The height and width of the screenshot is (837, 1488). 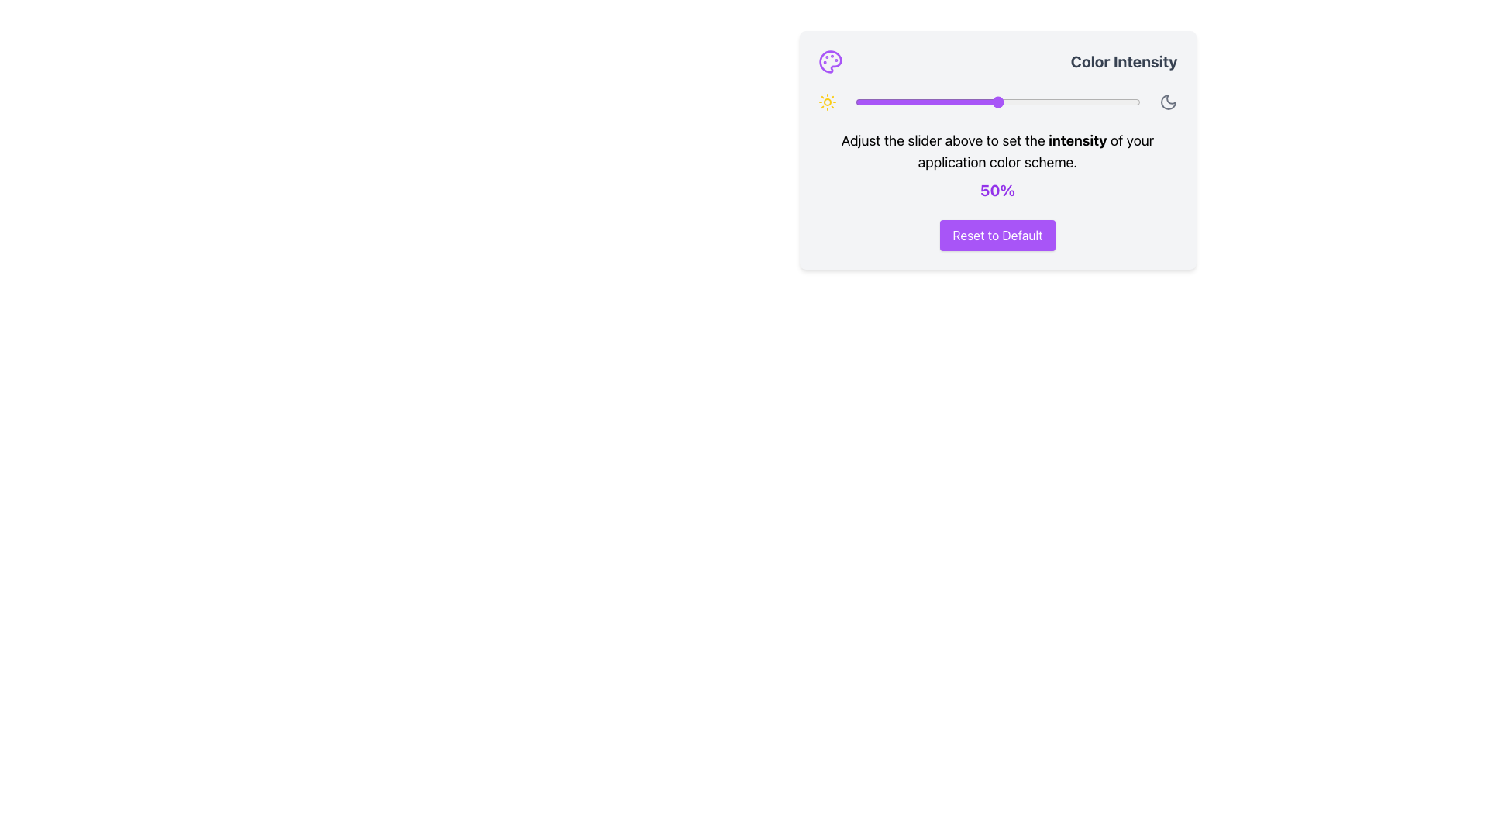 I want to click on the horizontal range slider with a purple accent and a rounded handle, positioned centrally between a sun icon on the left and a moon icon on the right, indicating a value of approximately 50%, so click(x=997, y=102).